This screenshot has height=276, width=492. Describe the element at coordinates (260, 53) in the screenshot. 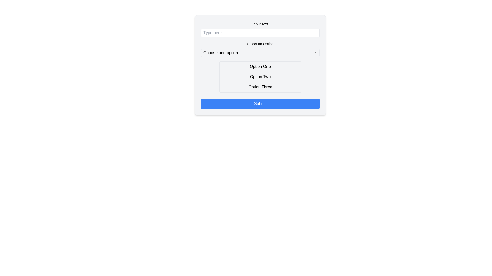

I see `the dropdown menu with the text 'Choose one option' located below the label 'Select an Option' by clicking on it for keyboard navigation` at that location.